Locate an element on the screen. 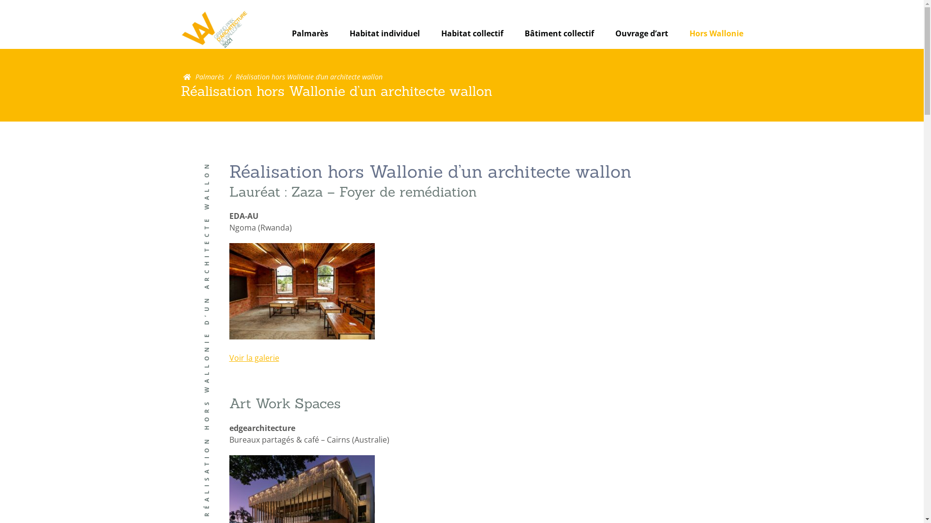 This screenshot has width=931, height=523. 'Habitat collectif' is located at coordinates (472, 33).